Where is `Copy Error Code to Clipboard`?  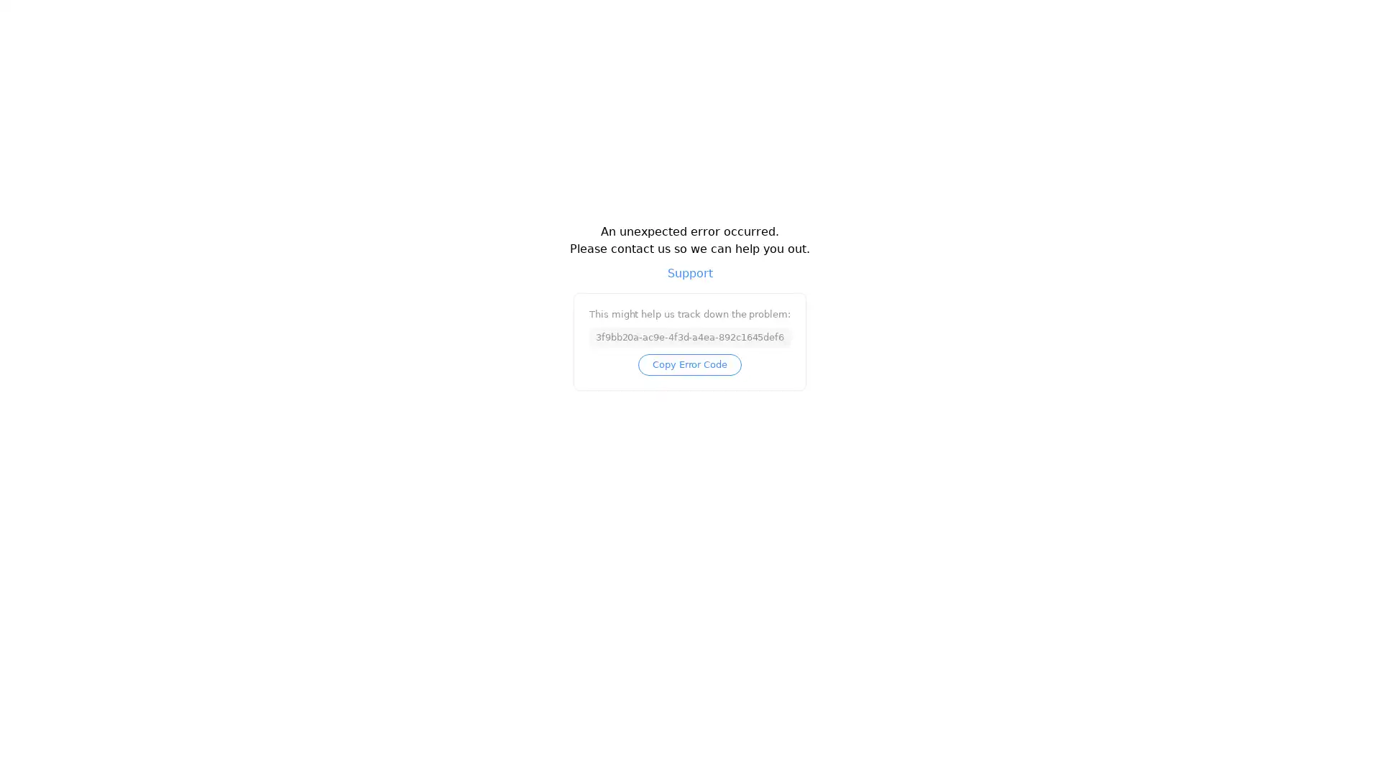
Copy Error Code to Clipboard is located at coordinates (689, 373).